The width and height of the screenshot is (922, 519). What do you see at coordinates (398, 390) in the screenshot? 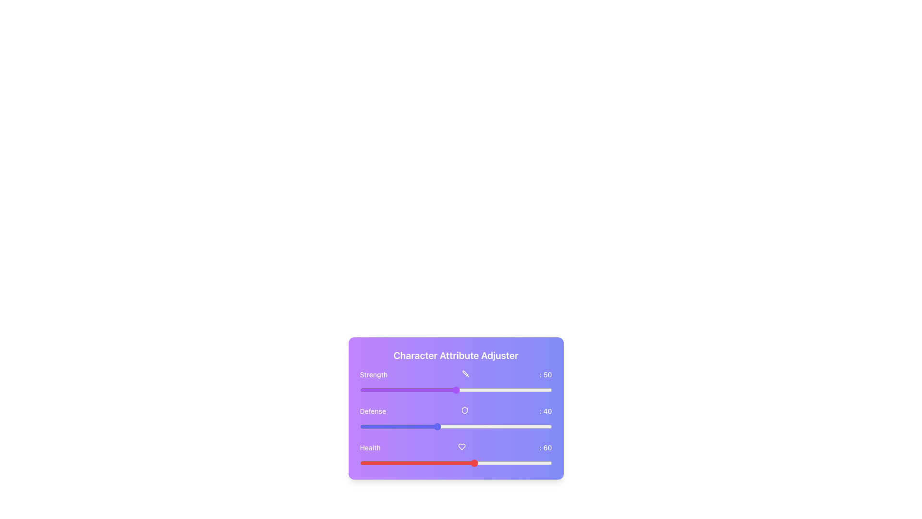
I see `the Strength value` at bounding box center [398, 390].